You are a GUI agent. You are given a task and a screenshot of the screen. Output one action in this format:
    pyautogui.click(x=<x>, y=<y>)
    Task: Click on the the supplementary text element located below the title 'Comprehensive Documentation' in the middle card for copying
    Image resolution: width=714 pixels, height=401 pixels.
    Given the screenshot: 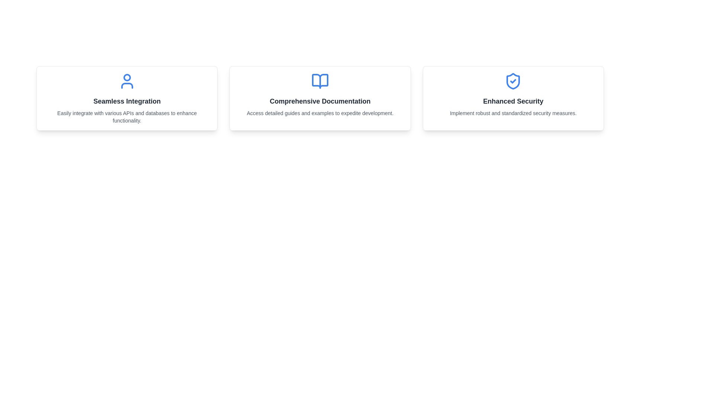 What is the action you would take?
    pyautogui.click(x=320, y=113)
    